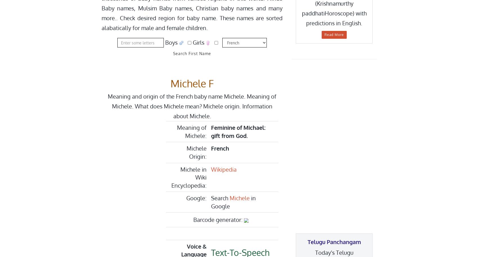  I want to click on 'in Google', so click(233, 202).